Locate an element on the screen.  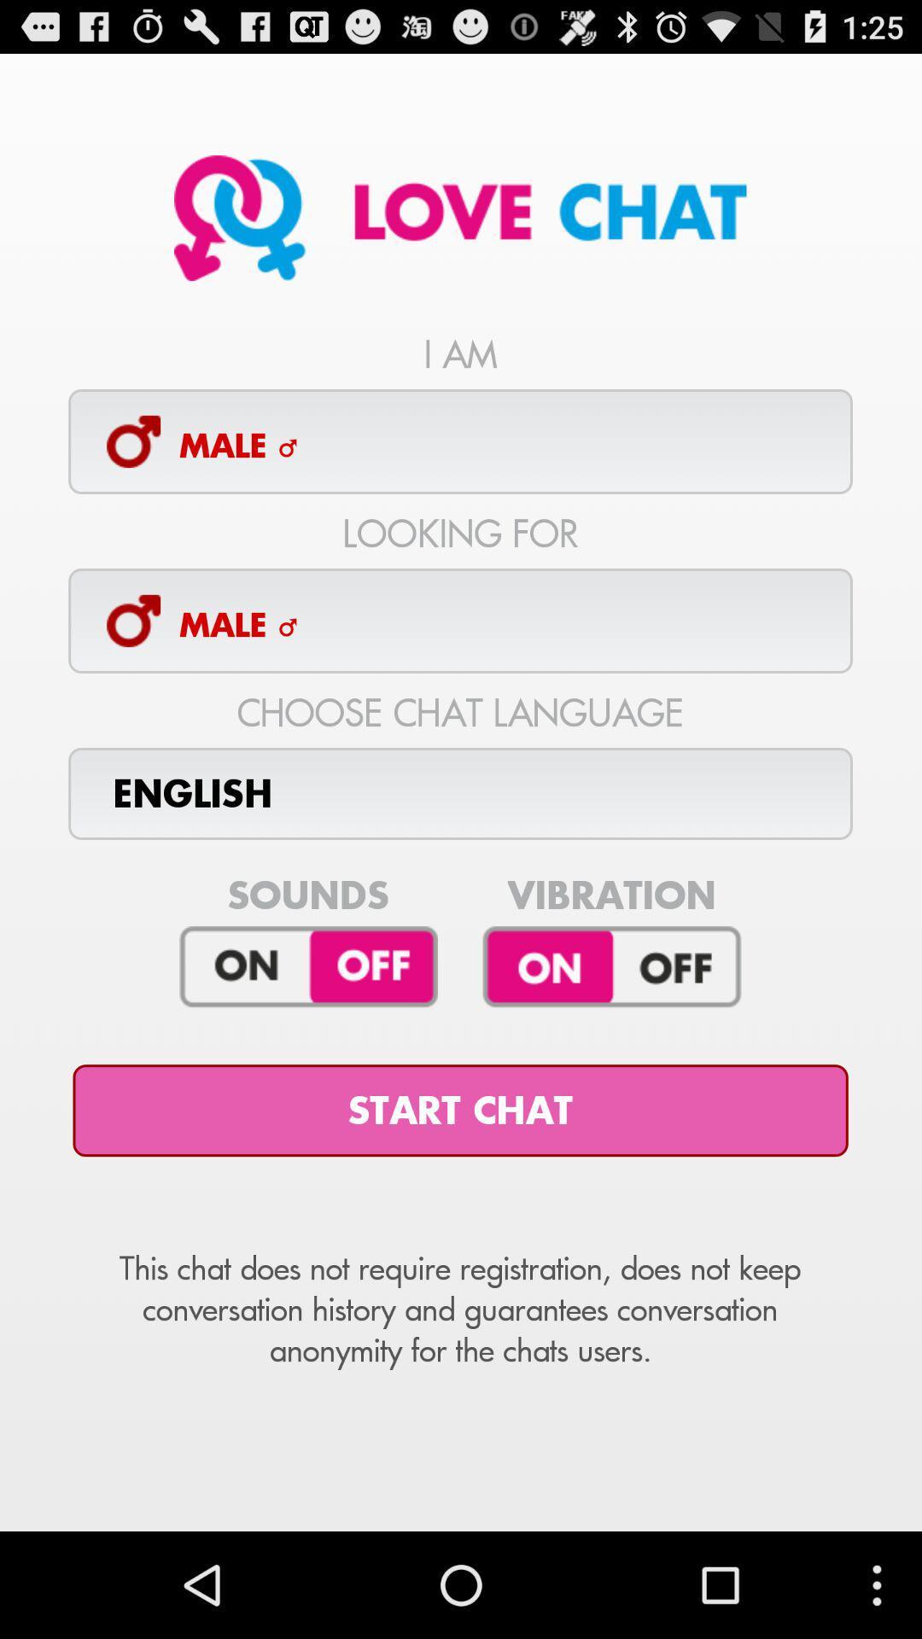
sounds is located at coordinates (308, 967).